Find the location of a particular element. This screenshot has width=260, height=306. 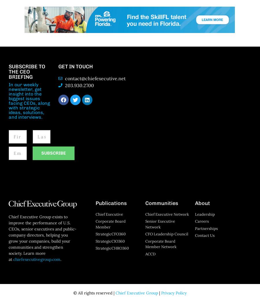

'Partnerships' is located at coordinates (206, 228).